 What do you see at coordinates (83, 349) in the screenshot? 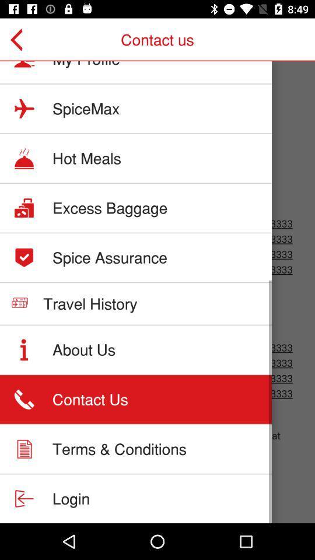
I see `about us item` at bounding box center [83, 349].